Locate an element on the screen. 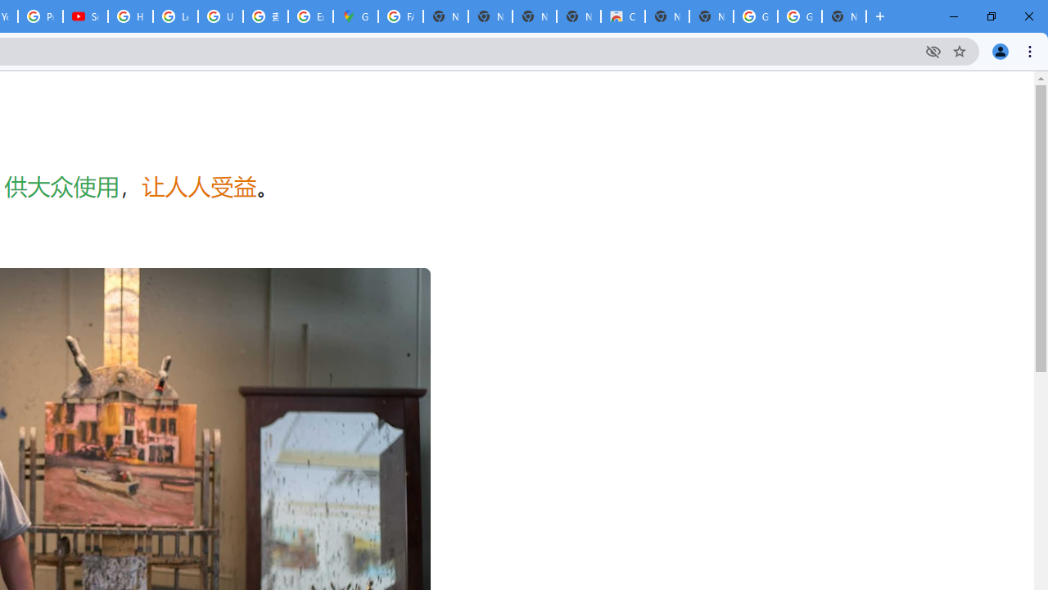  'Chrome Web Store' is located at coordinates (621, 16).